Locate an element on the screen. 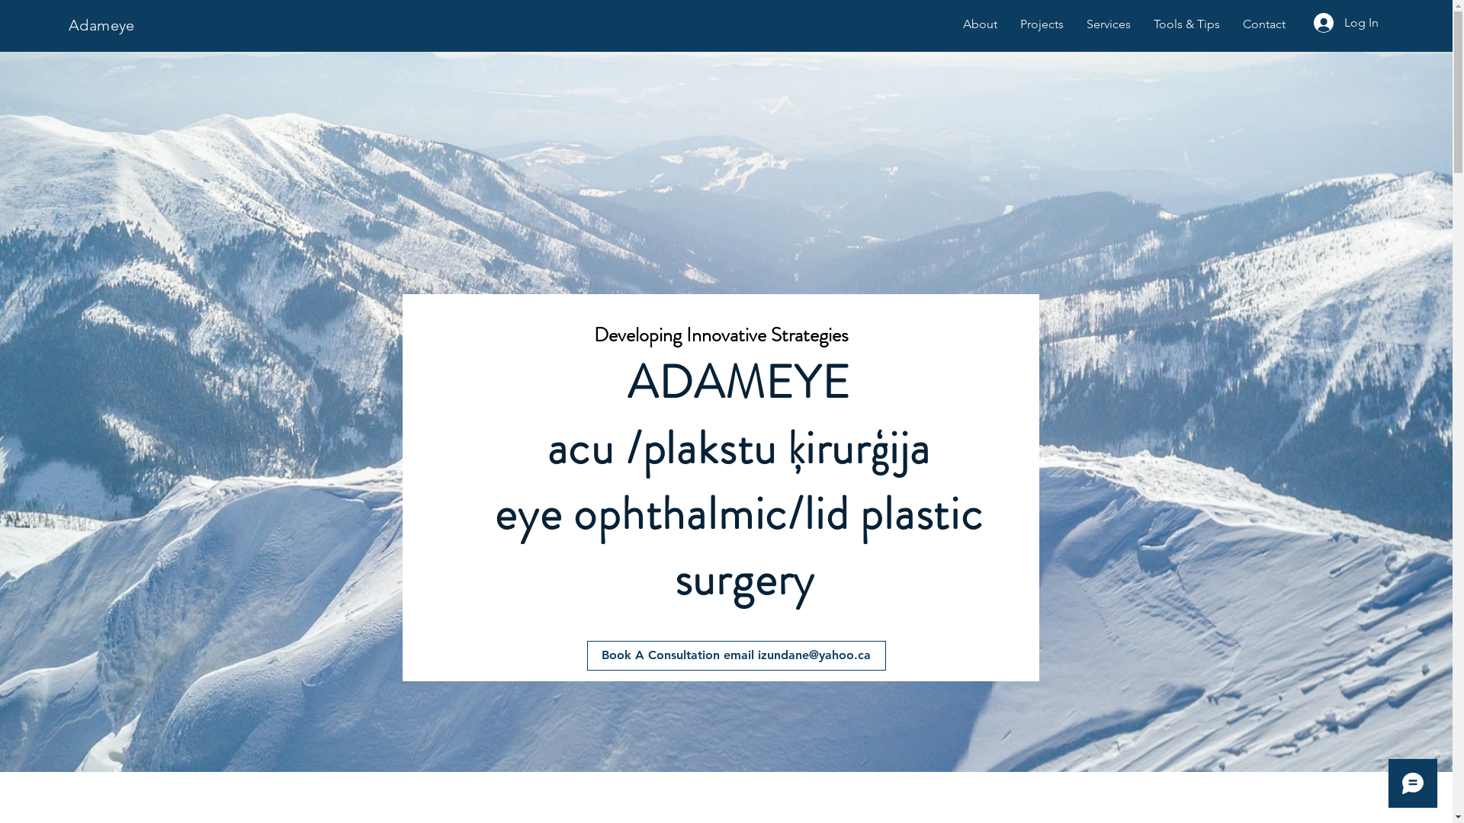  'Projects' is located at coordinates (1041, 24).